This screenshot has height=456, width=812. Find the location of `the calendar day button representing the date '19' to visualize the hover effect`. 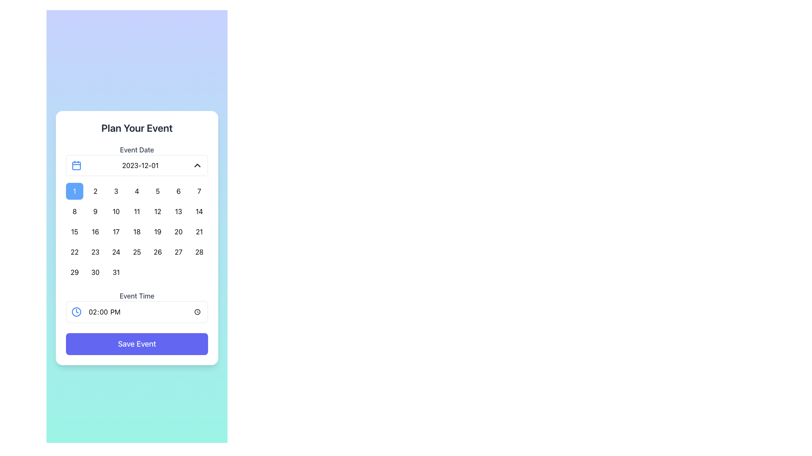

the calendar day button representing the date '19' to visualize the hover effect is located at coordinates (158, 231).